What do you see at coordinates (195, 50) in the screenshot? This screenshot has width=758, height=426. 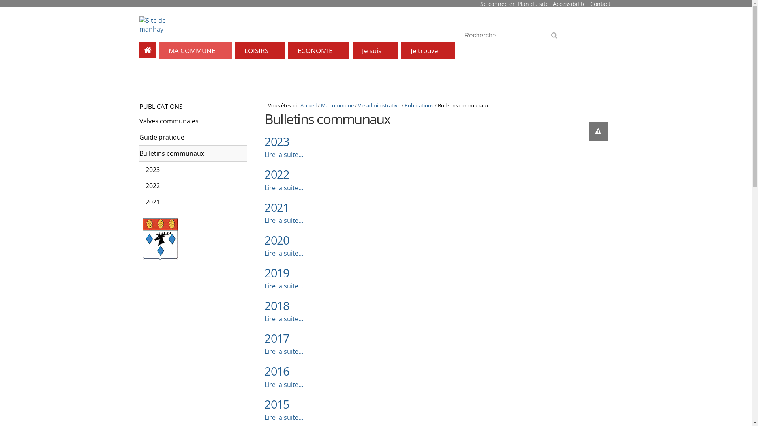 I see `'MA COMMUNE'` at bounding box center [195, 50].